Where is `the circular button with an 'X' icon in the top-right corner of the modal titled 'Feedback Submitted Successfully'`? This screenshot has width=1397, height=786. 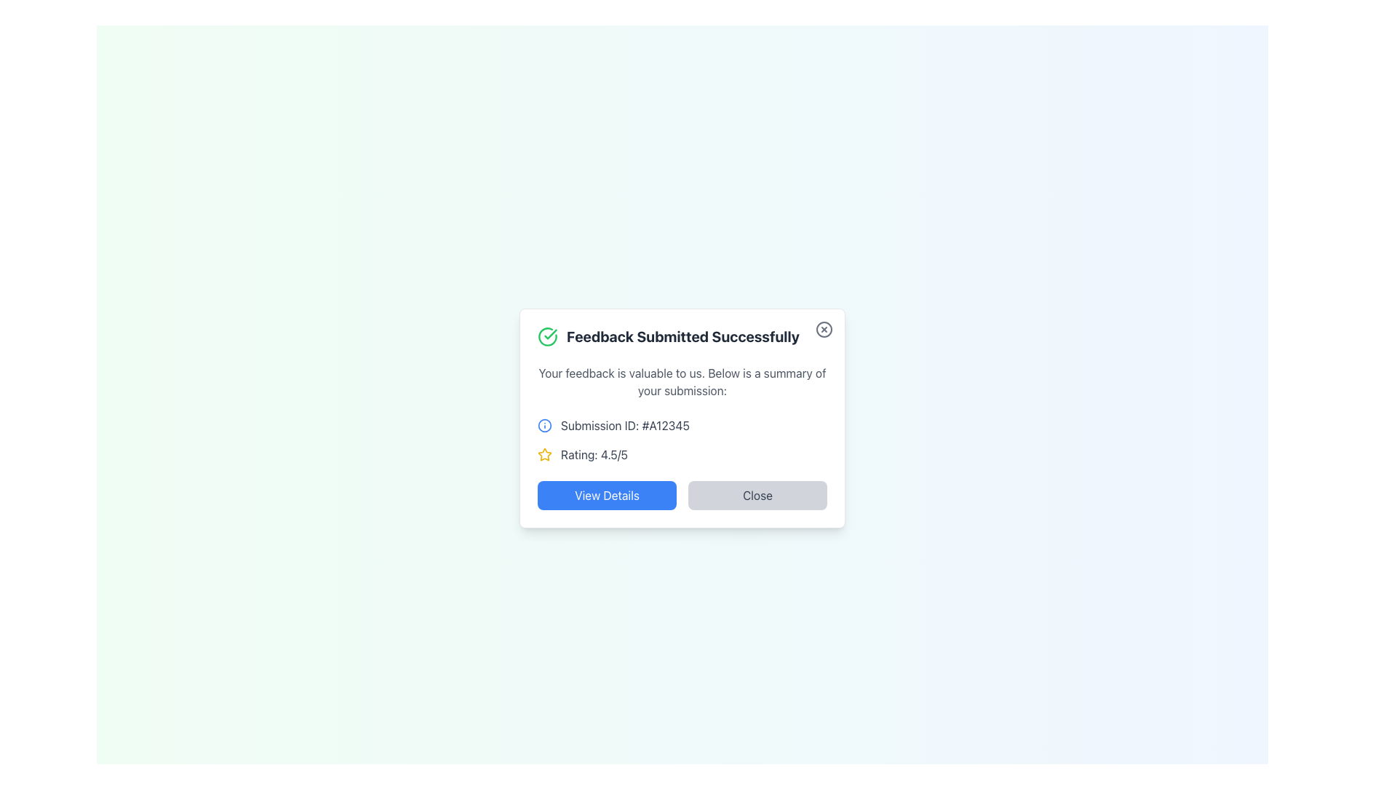 the circular button with an 'X' icon in the top-right corner of the modal titled 'Feedback Submitted Successfully' is located at coordinates (824, 329).